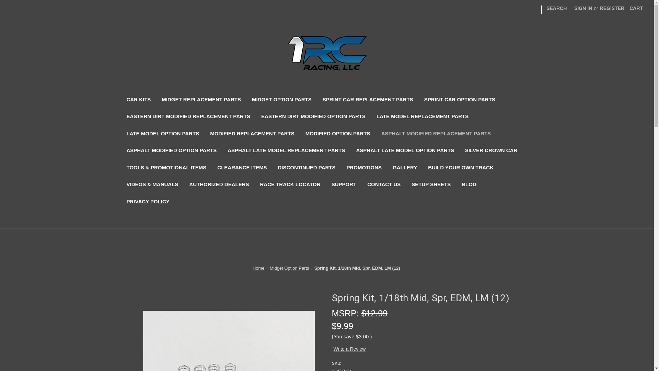  What do you see at coordinates (171, 151) in the screenshot?
I see `'ASPHALT MODIFIED OPTION PARTS'` at bounding box center [171, 151].